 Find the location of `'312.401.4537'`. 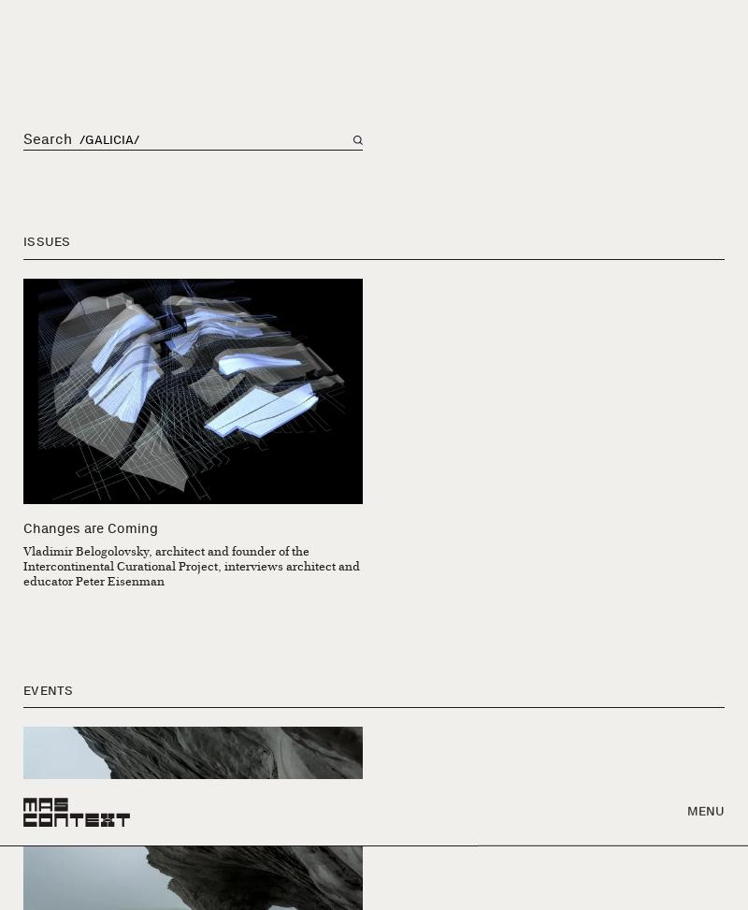

'312.401.4537' is located at coordinates (22, 886).